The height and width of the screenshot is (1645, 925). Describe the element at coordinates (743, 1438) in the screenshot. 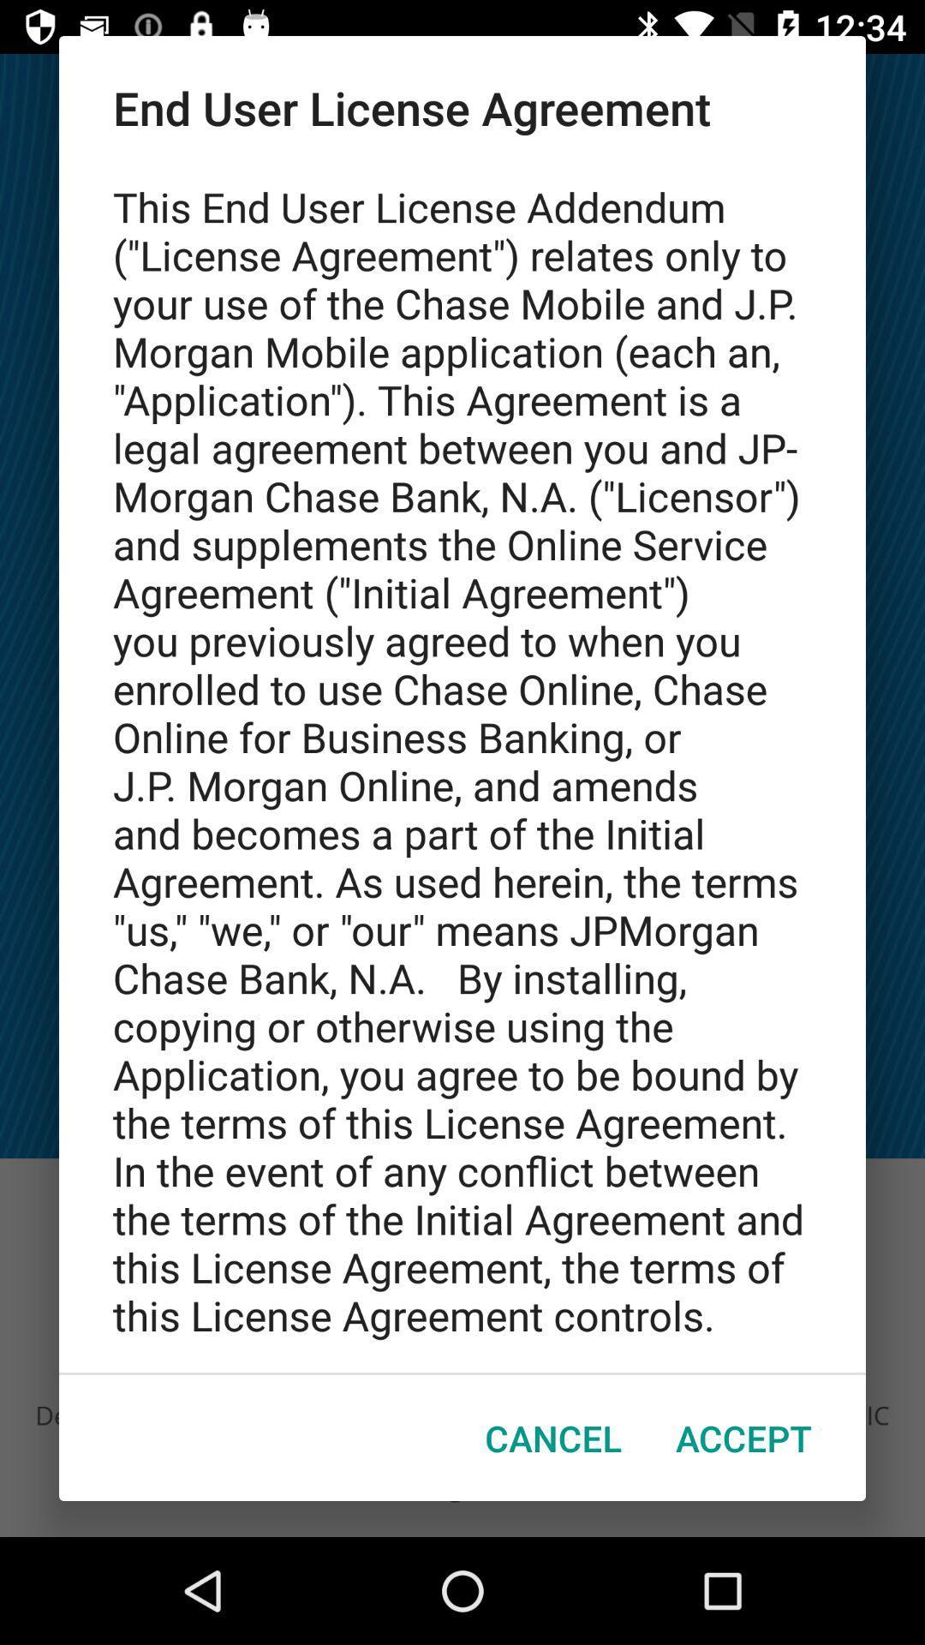

I see `the item to the right of the cancel` at that location.